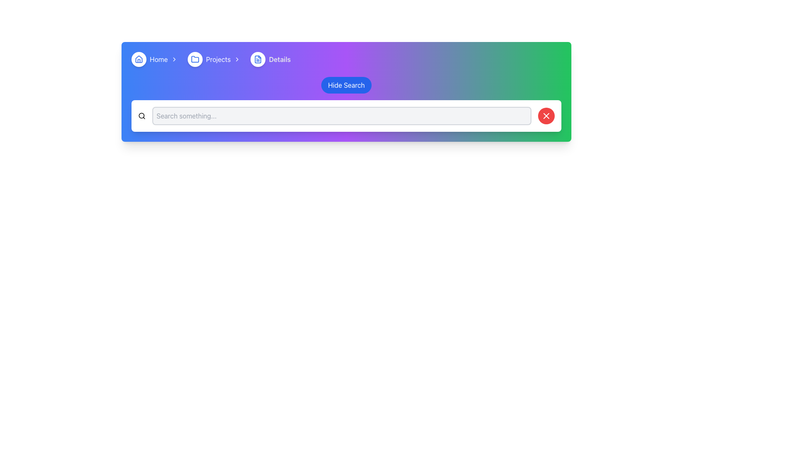  I want to click on the round icon button with a blue border and a white interior containing a house icon, so click(139, 59).